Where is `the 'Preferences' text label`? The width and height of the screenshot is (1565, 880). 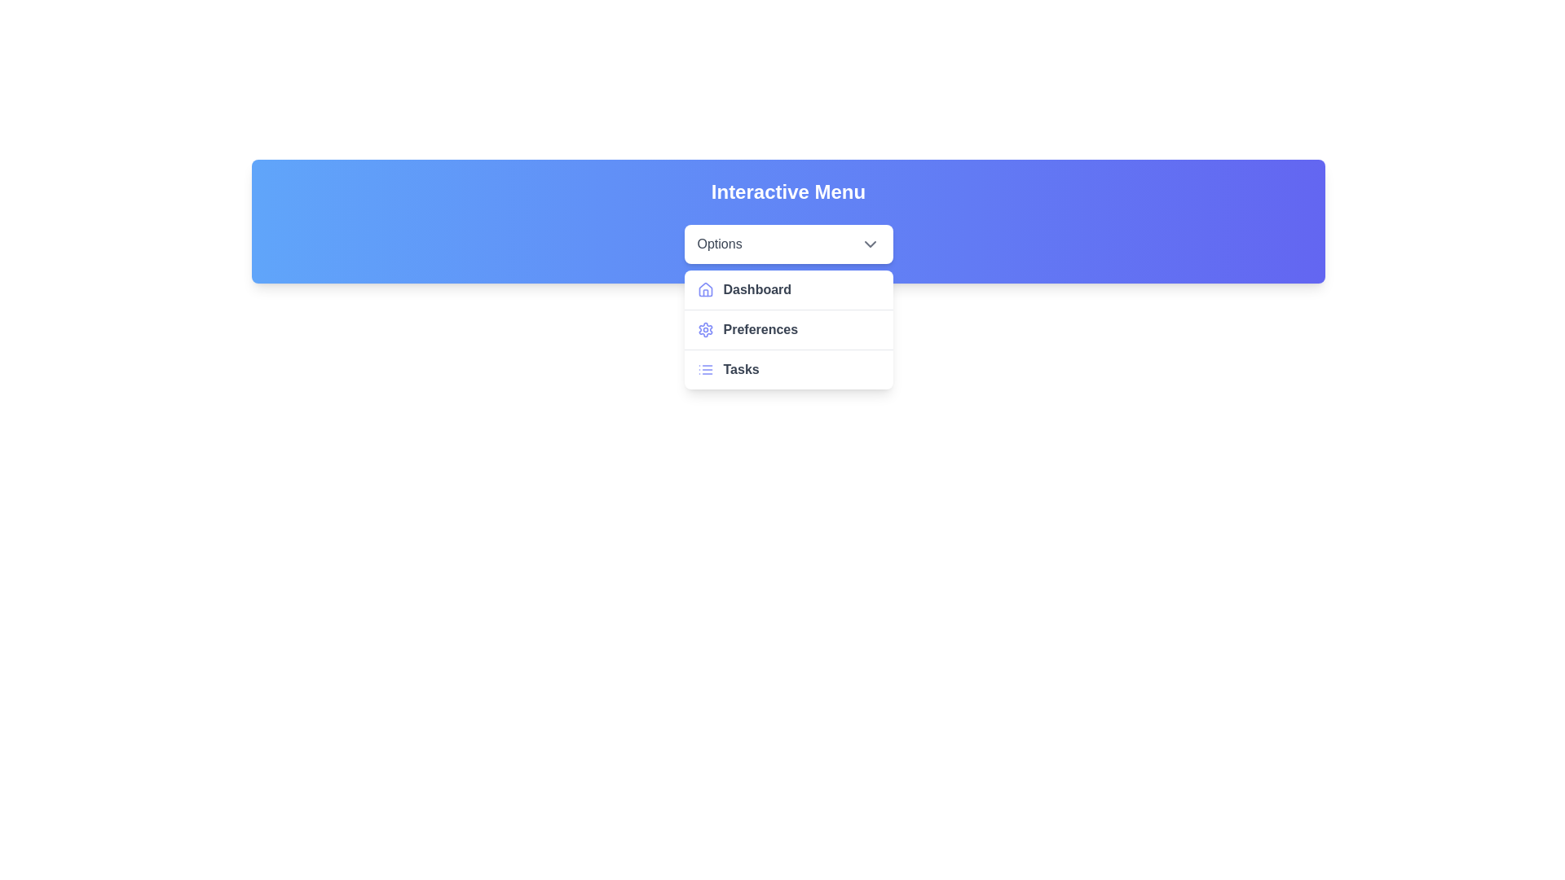
the 'Preferences' text label is located at coordinates (760, 330).